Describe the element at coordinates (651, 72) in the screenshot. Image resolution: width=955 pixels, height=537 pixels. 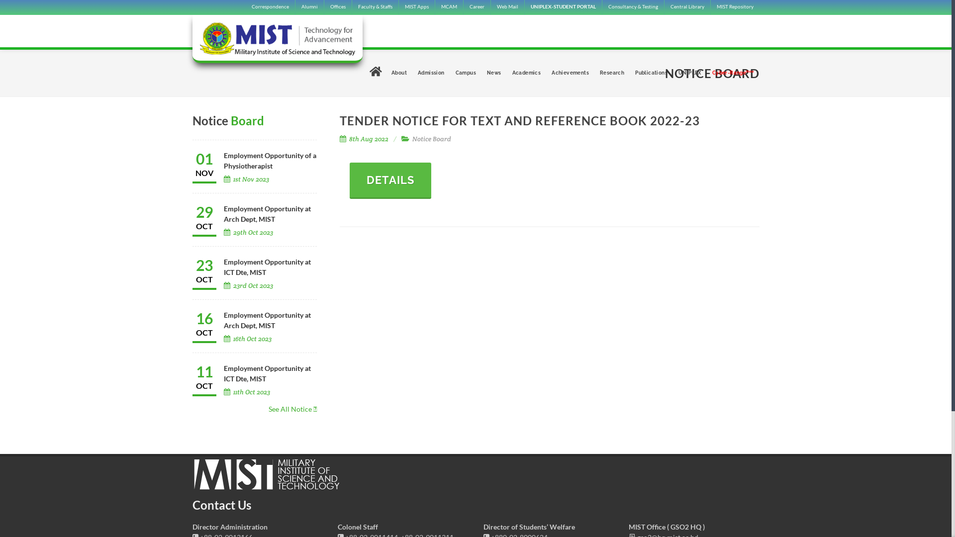
I see `'Publications'` at that location.